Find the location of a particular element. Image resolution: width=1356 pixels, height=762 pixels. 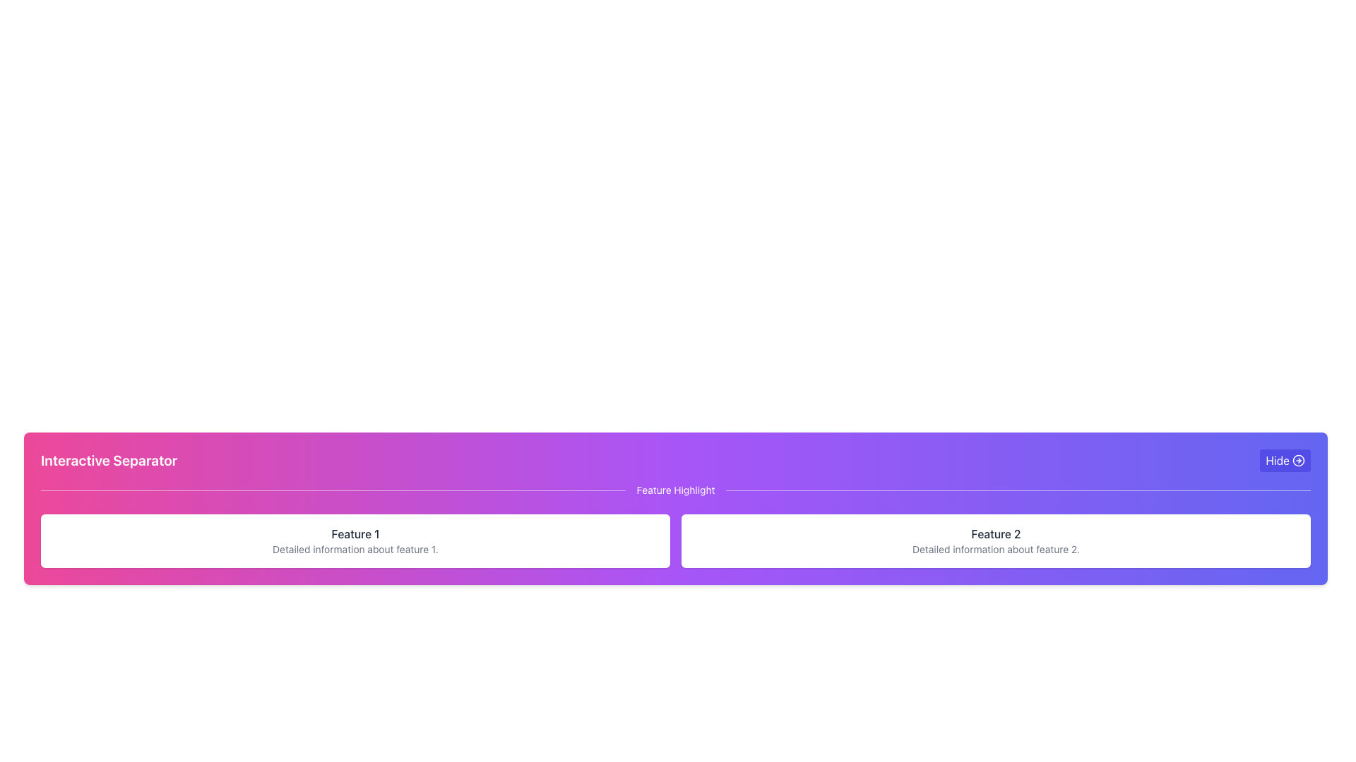

the Text Label that serves as a section heading or label, positioned at the top-left corner of its section, separated from other components is located at coordinates (108, 460).